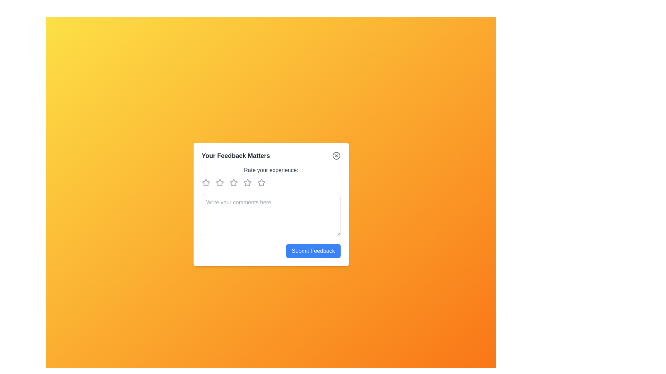  I want to click on the rating to 1 stars by clicking on the corresponding star, so click(207, 182).